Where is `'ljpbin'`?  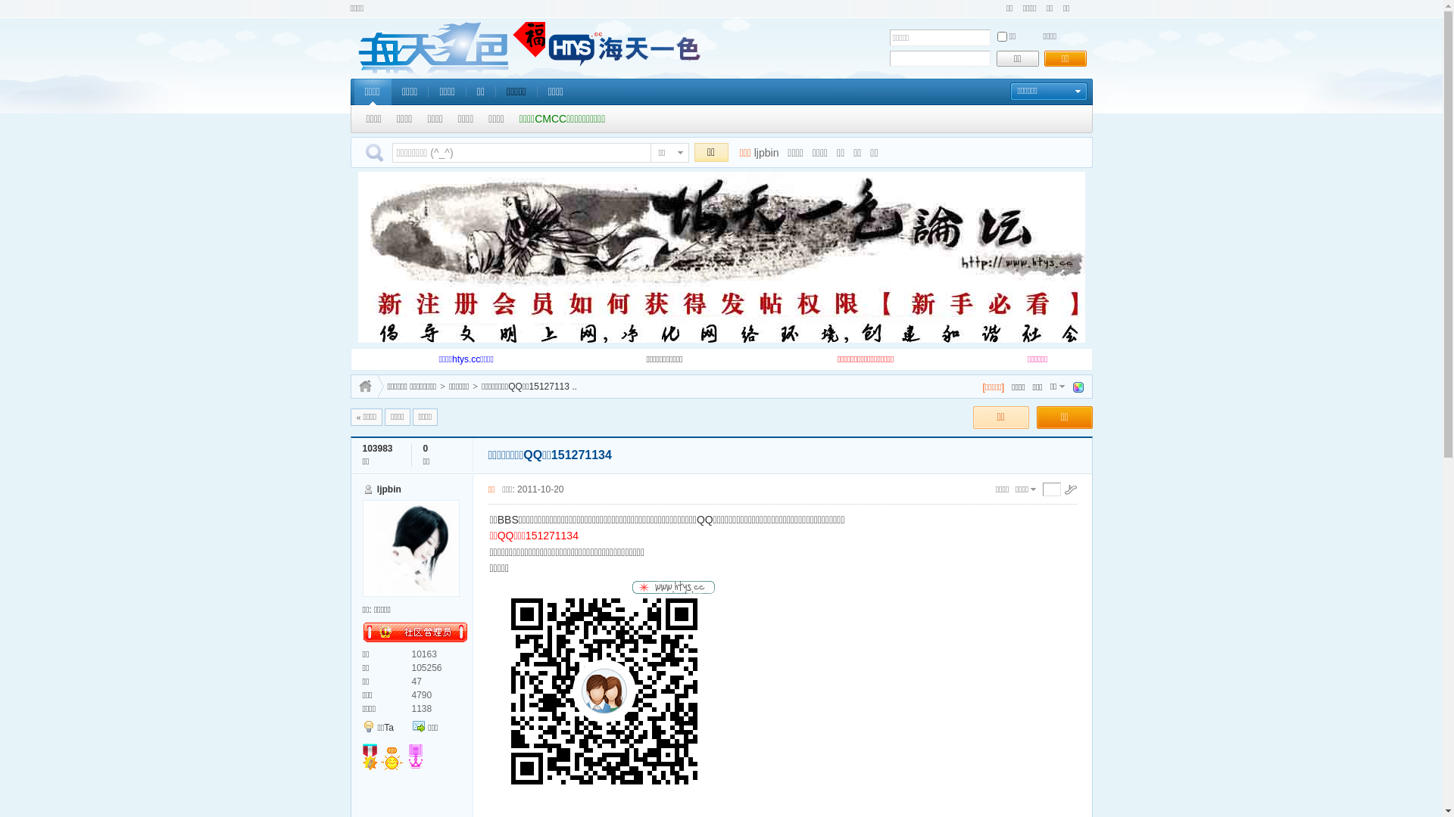 'ljpbin' is located at coordinates (388, 489).